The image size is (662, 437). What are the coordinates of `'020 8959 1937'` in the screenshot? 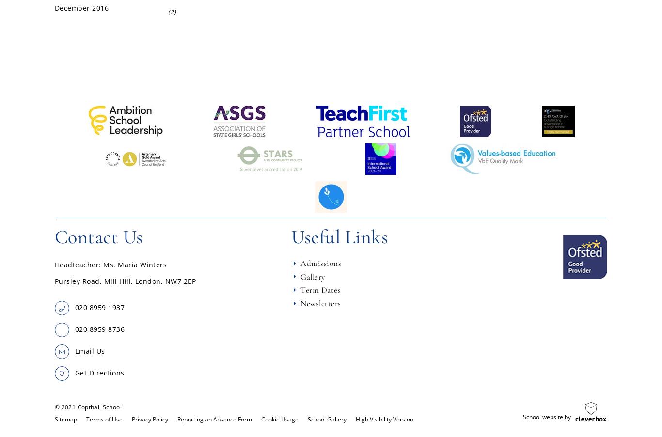 It's located at (99, 307).